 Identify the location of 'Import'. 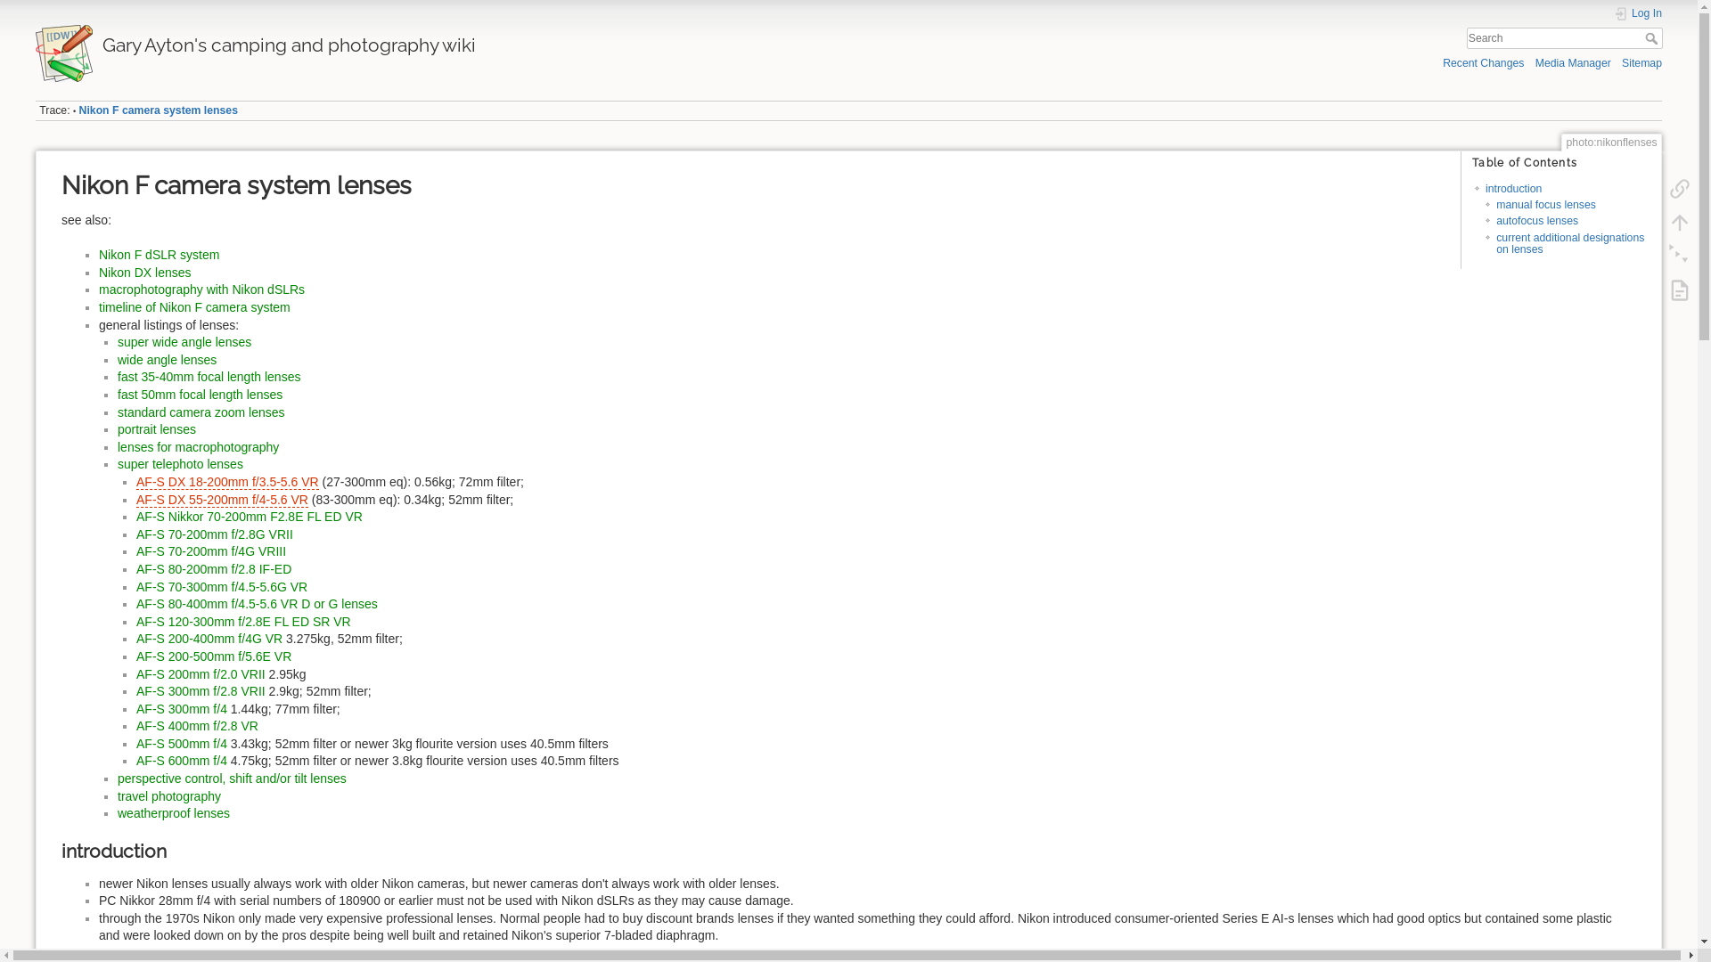
(1679, 289).